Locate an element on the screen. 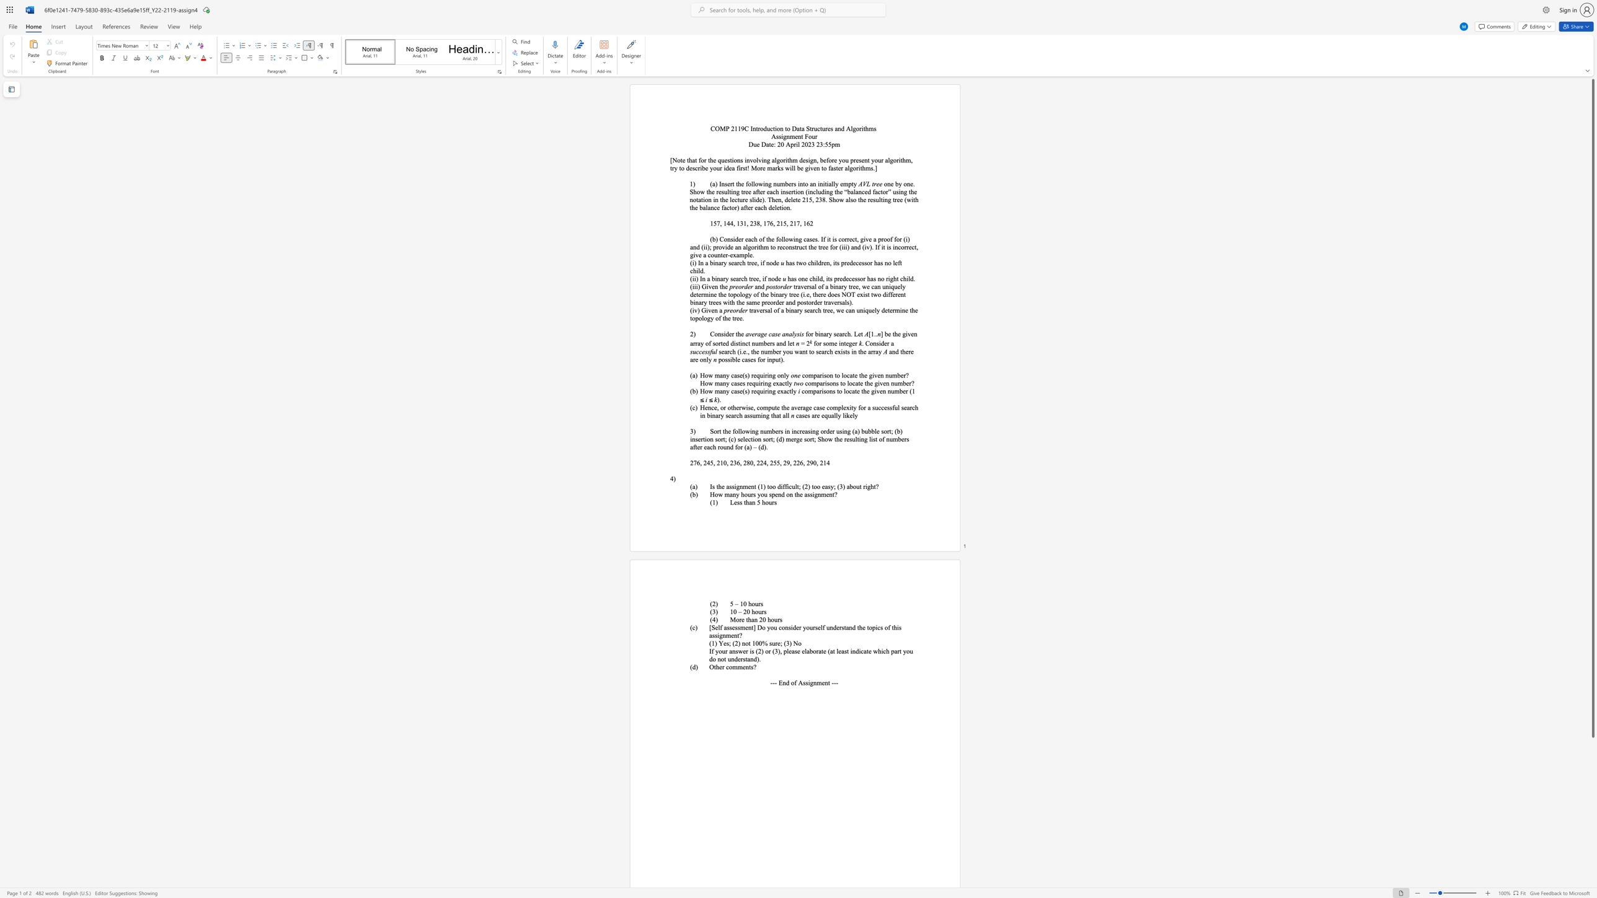 The width and height of the screenshot is (1597, 898). the 1th character "t" in the text is located at coordinates (720, 286).